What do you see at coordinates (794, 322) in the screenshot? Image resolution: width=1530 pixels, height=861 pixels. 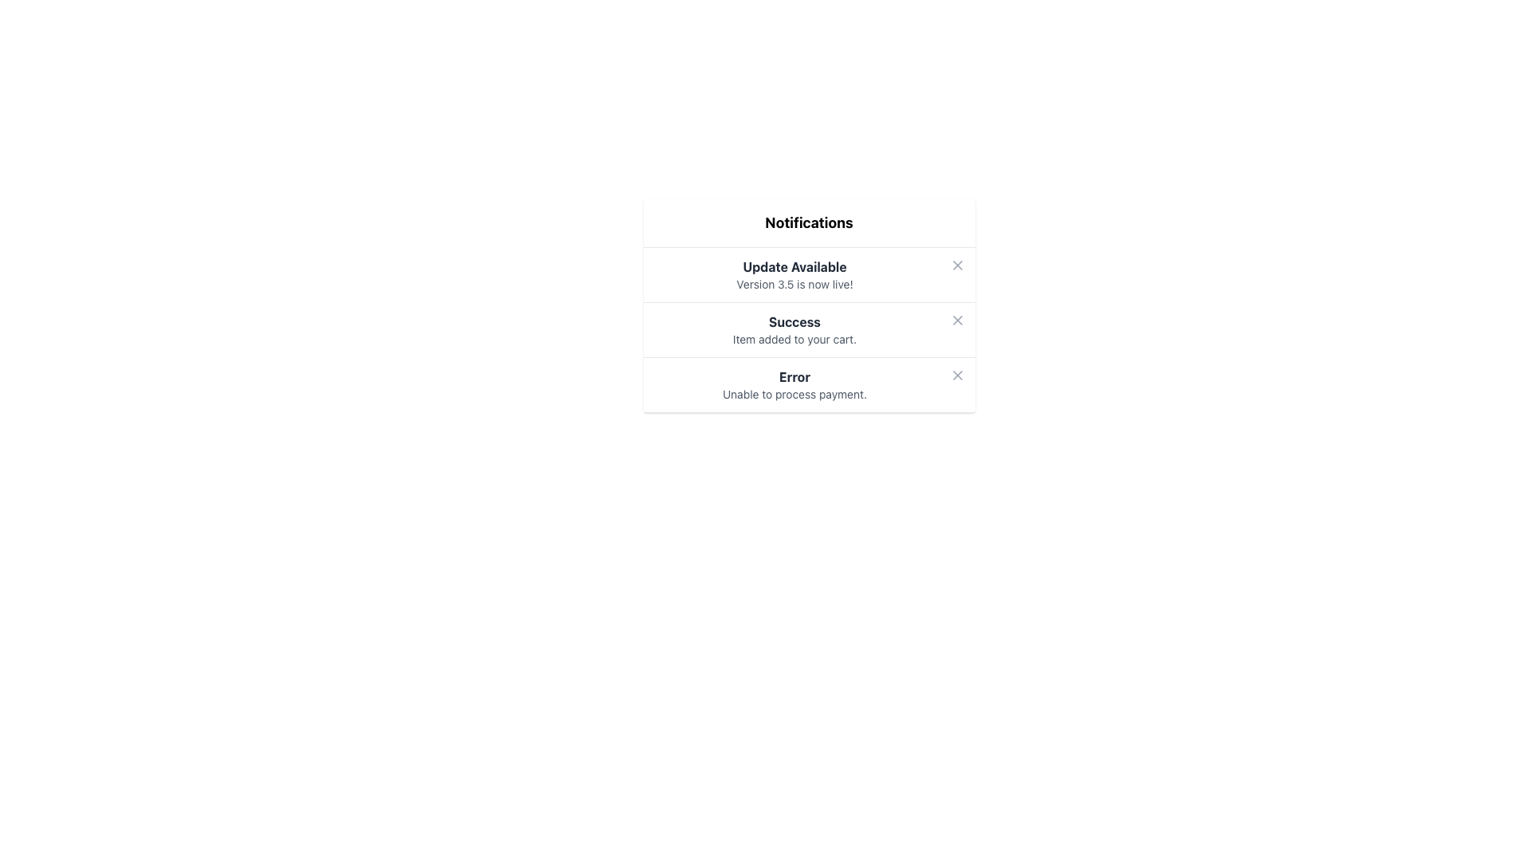 I see `text of the bold 'Success' label in the second notification card, which indicates a successful action` at bounding box center [794, 322].